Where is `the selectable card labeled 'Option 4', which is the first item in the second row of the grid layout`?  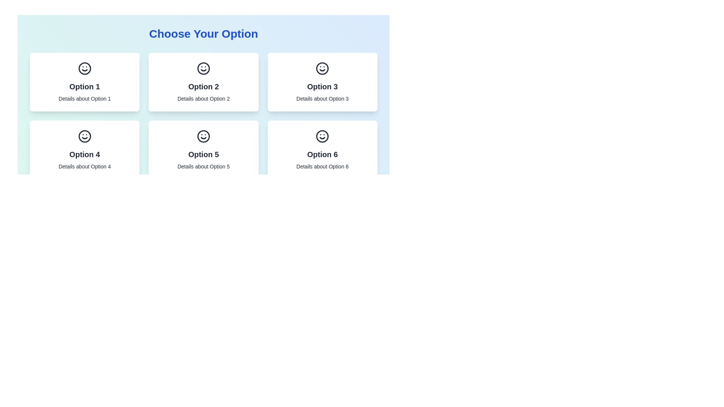 the selectable card labeled 'Option 4', which is the first item in the second row of the grid layout is located at coordinates (84, 150).